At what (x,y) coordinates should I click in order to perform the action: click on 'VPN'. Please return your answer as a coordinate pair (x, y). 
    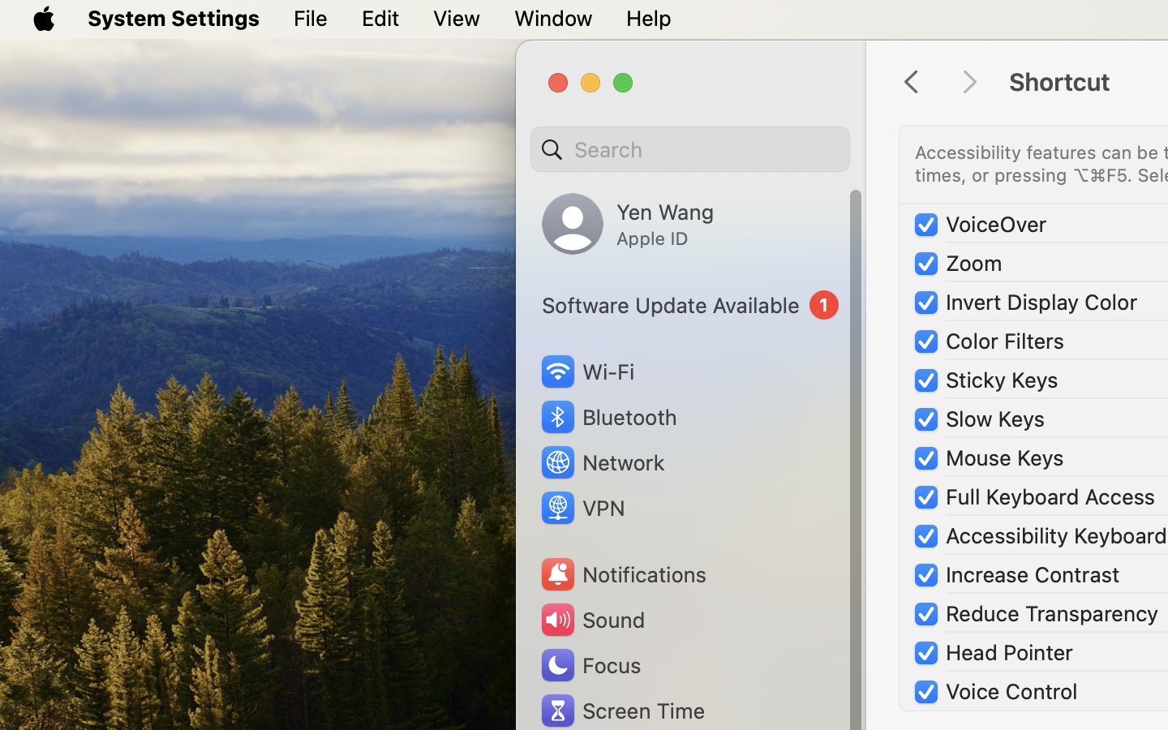
    Looking at the image, I should click on (581, 508).